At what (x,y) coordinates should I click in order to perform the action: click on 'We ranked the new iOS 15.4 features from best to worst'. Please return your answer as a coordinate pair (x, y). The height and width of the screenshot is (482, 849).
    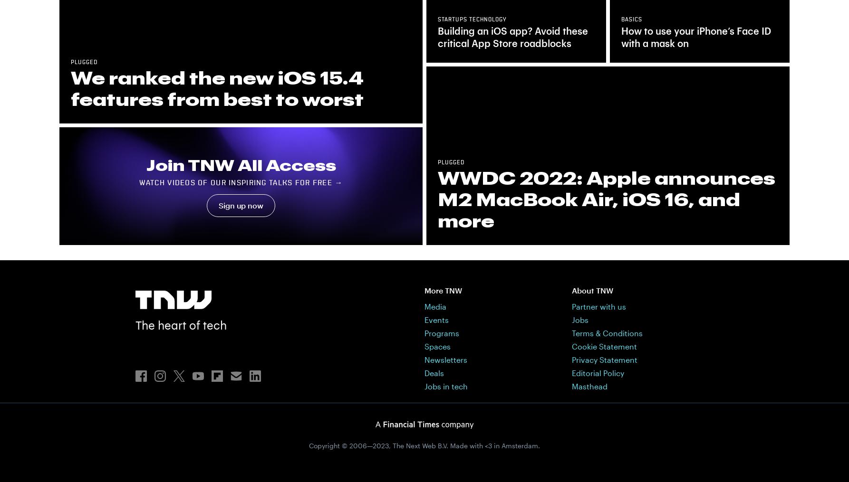
    Looking at the image, I should click on (70, 87).